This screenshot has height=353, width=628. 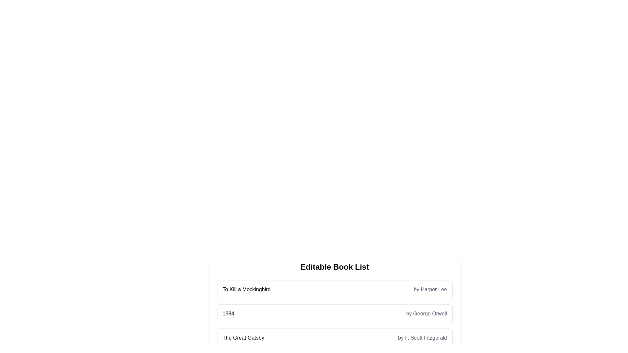 I want to click on the text indicating the author of the book 'To Kill a Mockingbird', which is positioned on the right side of the book title, so click(x=430, y=289).